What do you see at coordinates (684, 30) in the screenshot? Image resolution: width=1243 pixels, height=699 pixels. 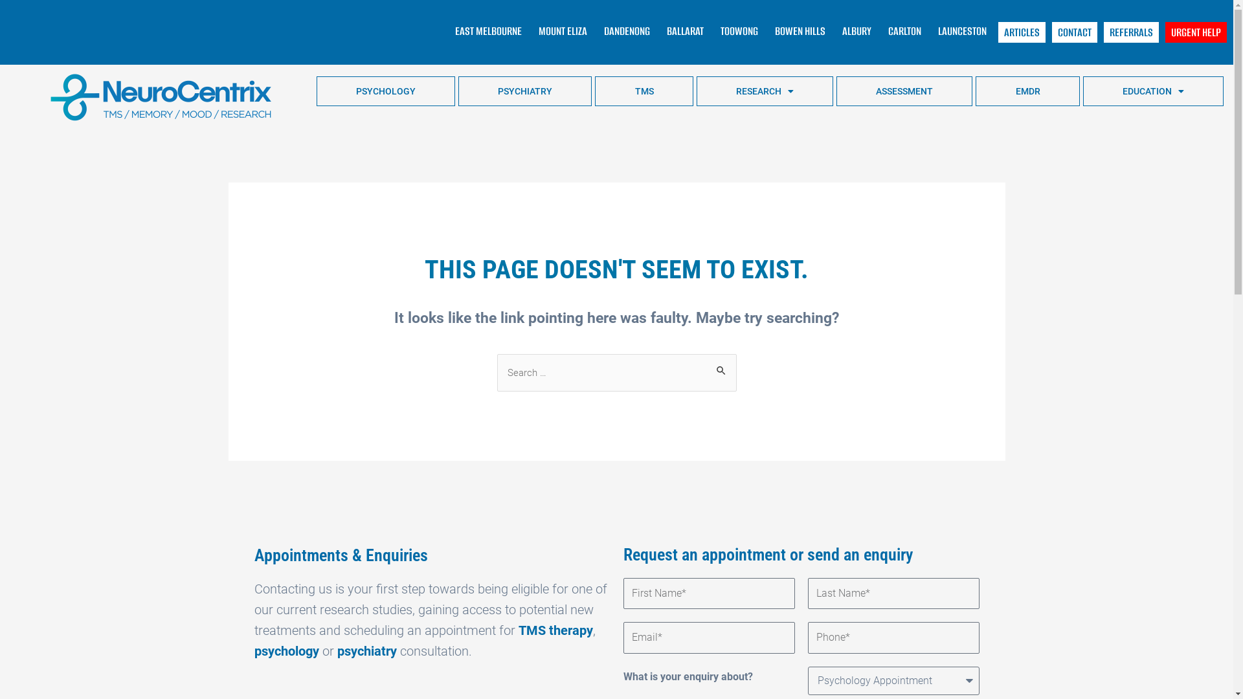 I see `'BALLARAT'` at bounding box center [684, 30].